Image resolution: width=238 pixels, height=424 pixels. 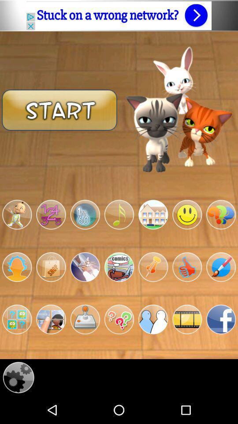 What do you see at coordinates (59, 109) in the screenshot?
I see `start button` at bounding box center [59, 109].